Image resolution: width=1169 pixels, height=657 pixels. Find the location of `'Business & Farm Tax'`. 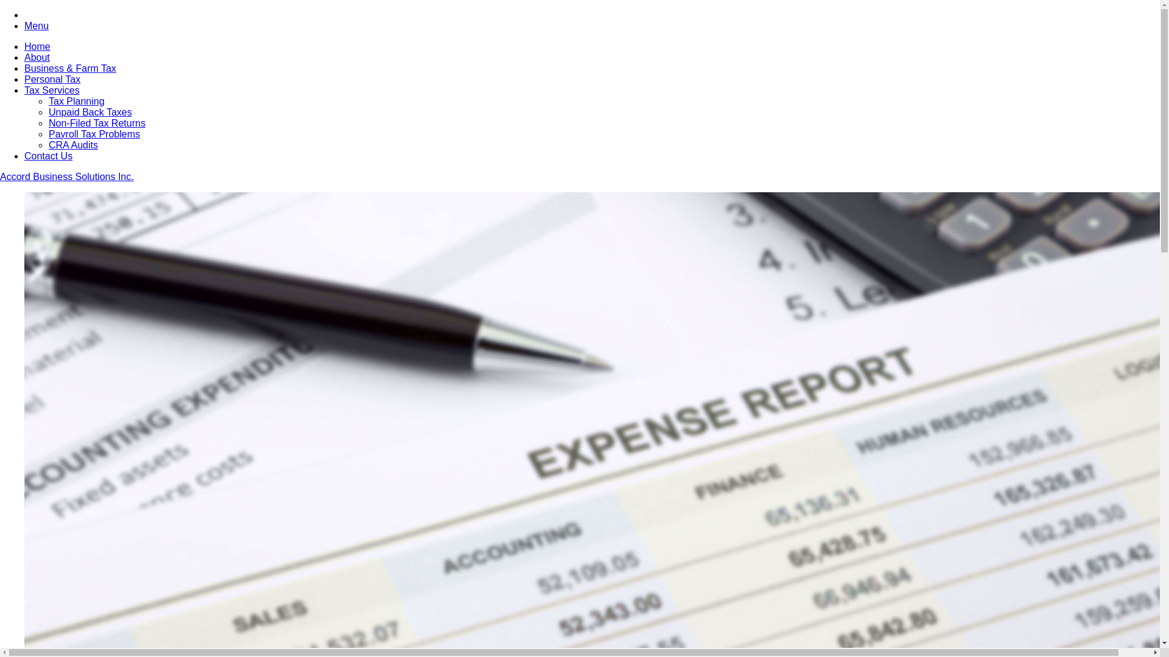

'Business & Farm Tax' is located at coordinates (69, 68).